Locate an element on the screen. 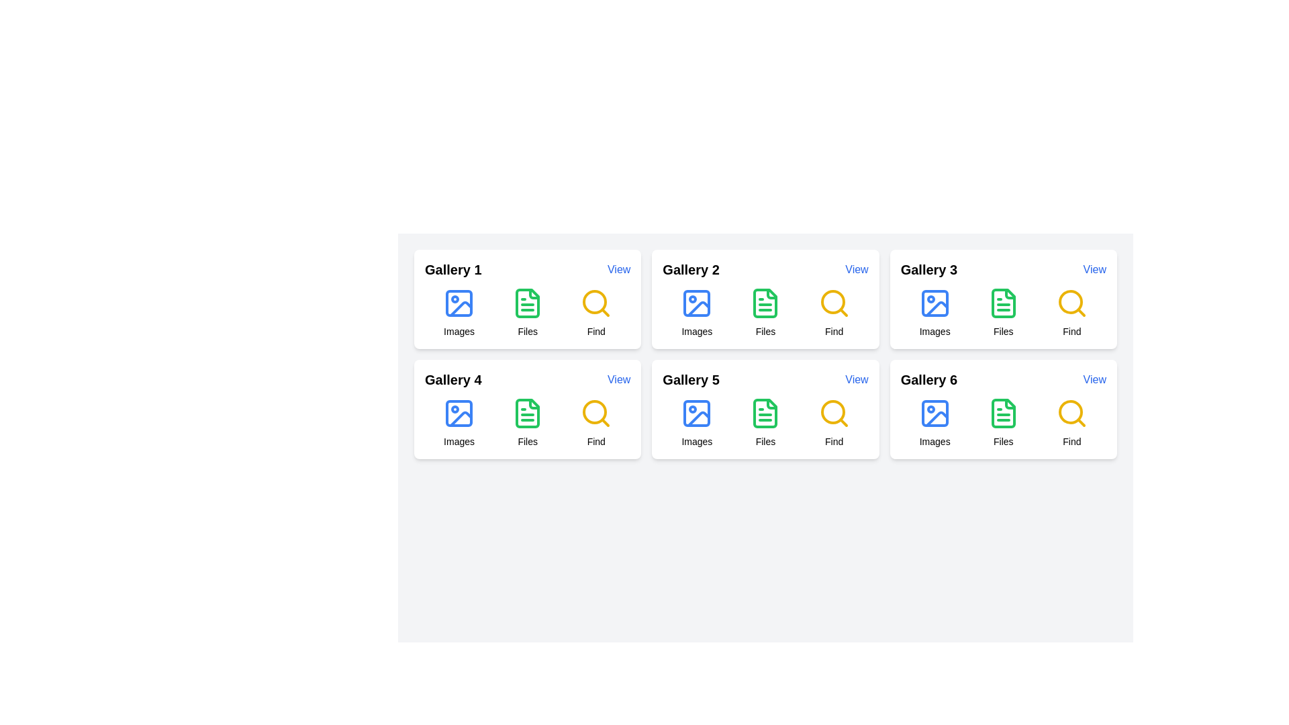 The image size is (1289, 725). the 'Files' Text label located in 'Gallery 2', which is positioned below a document SVG icon is located at coordinates (765, 331).